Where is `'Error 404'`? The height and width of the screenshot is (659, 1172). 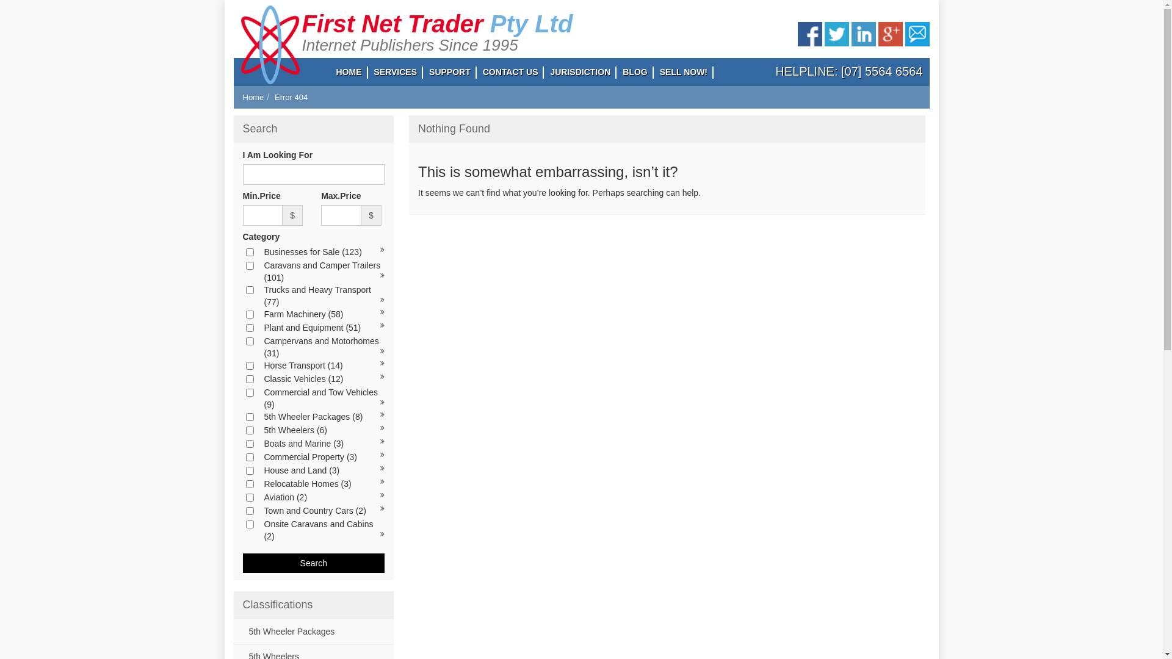 'Error 404' is located at coordinates (290, 96).